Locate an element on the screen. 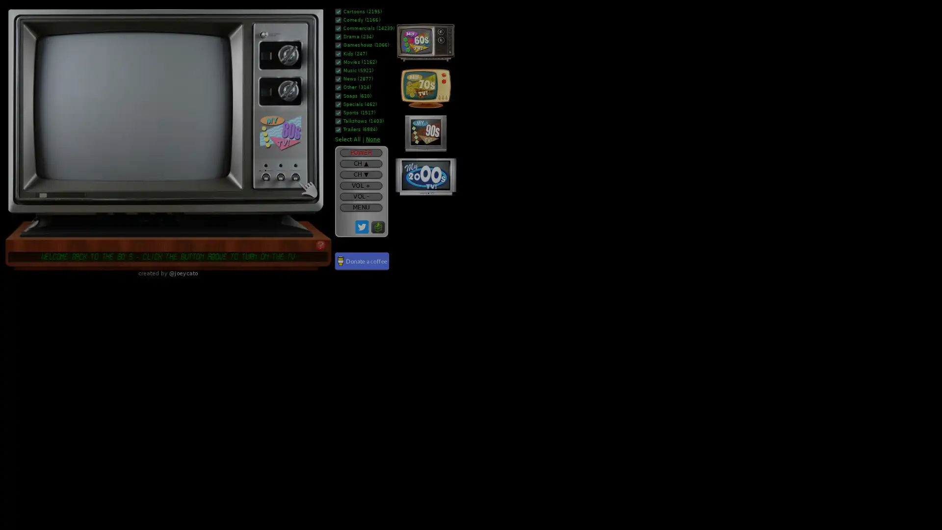  MENU is located at coordinates (360, 207).